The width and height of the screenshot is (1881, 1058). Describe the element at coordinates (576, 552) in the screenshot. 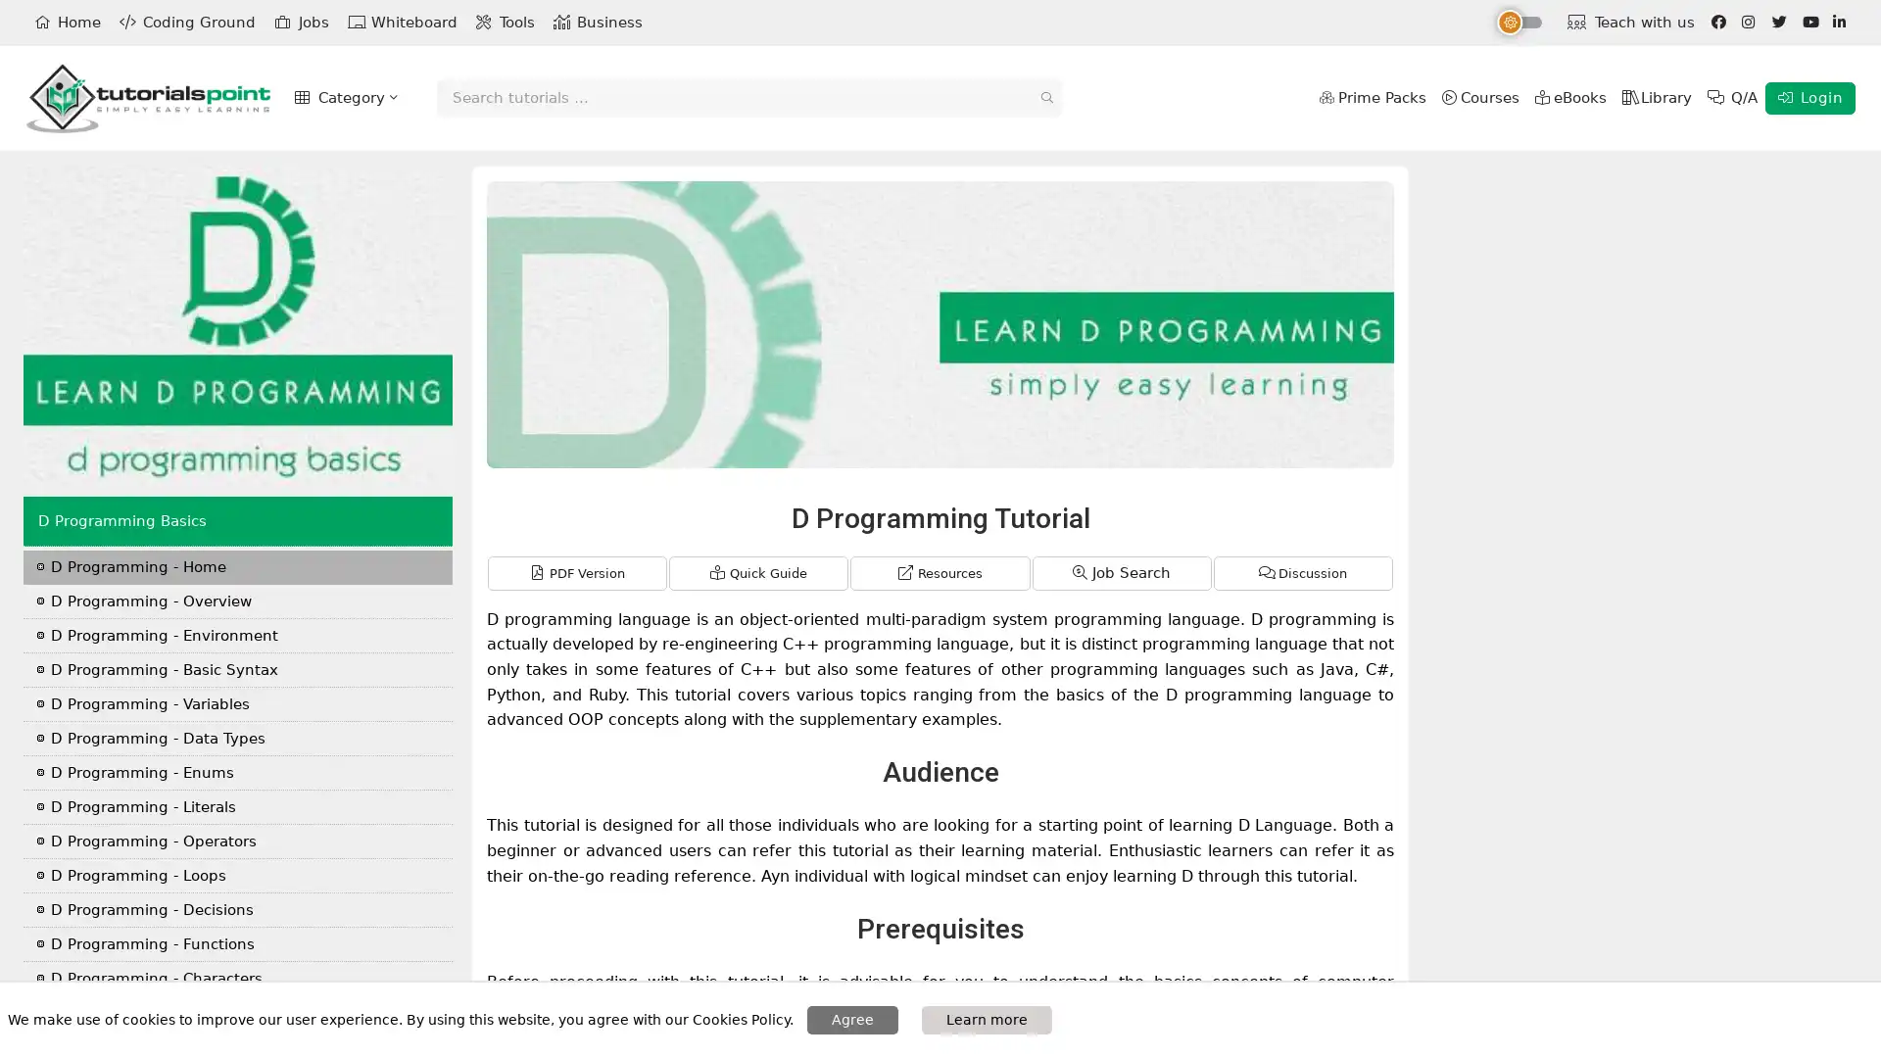

I see `PDF Version` at that location.